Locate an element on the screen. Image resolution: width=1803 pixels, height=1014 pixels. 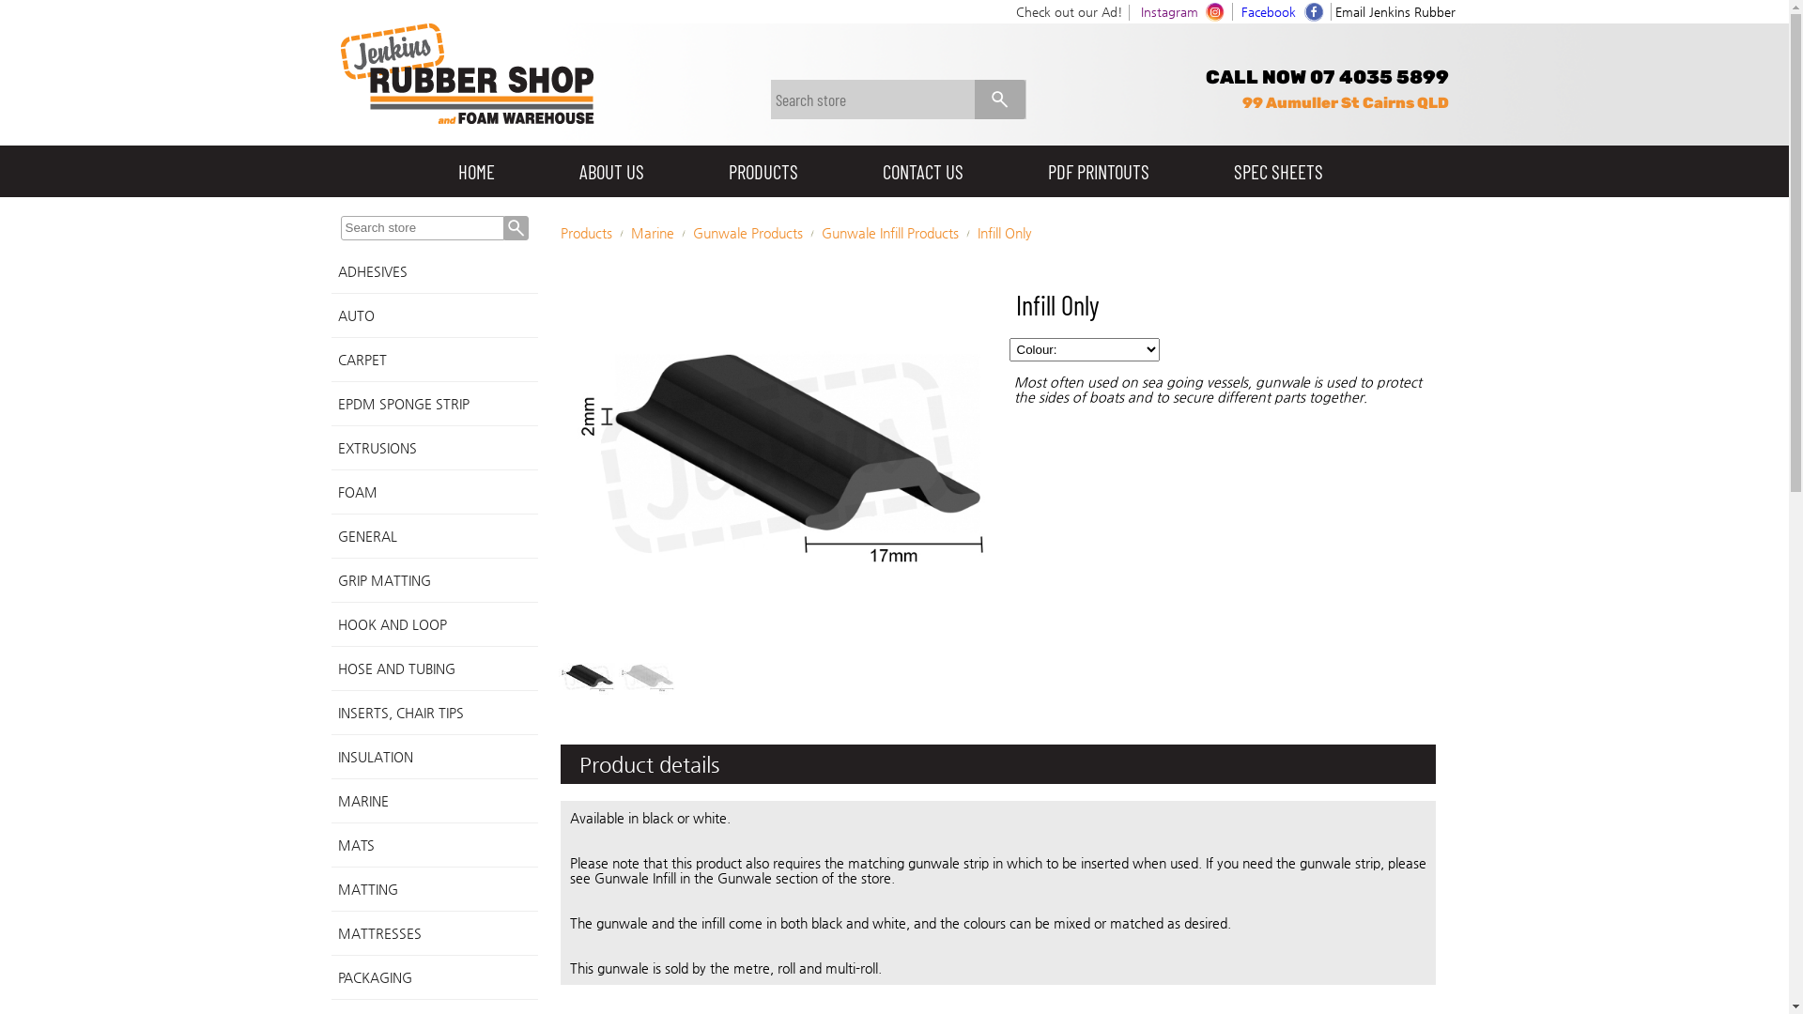
'Gunwale Infill Products' is located at coordinates (887, 231).